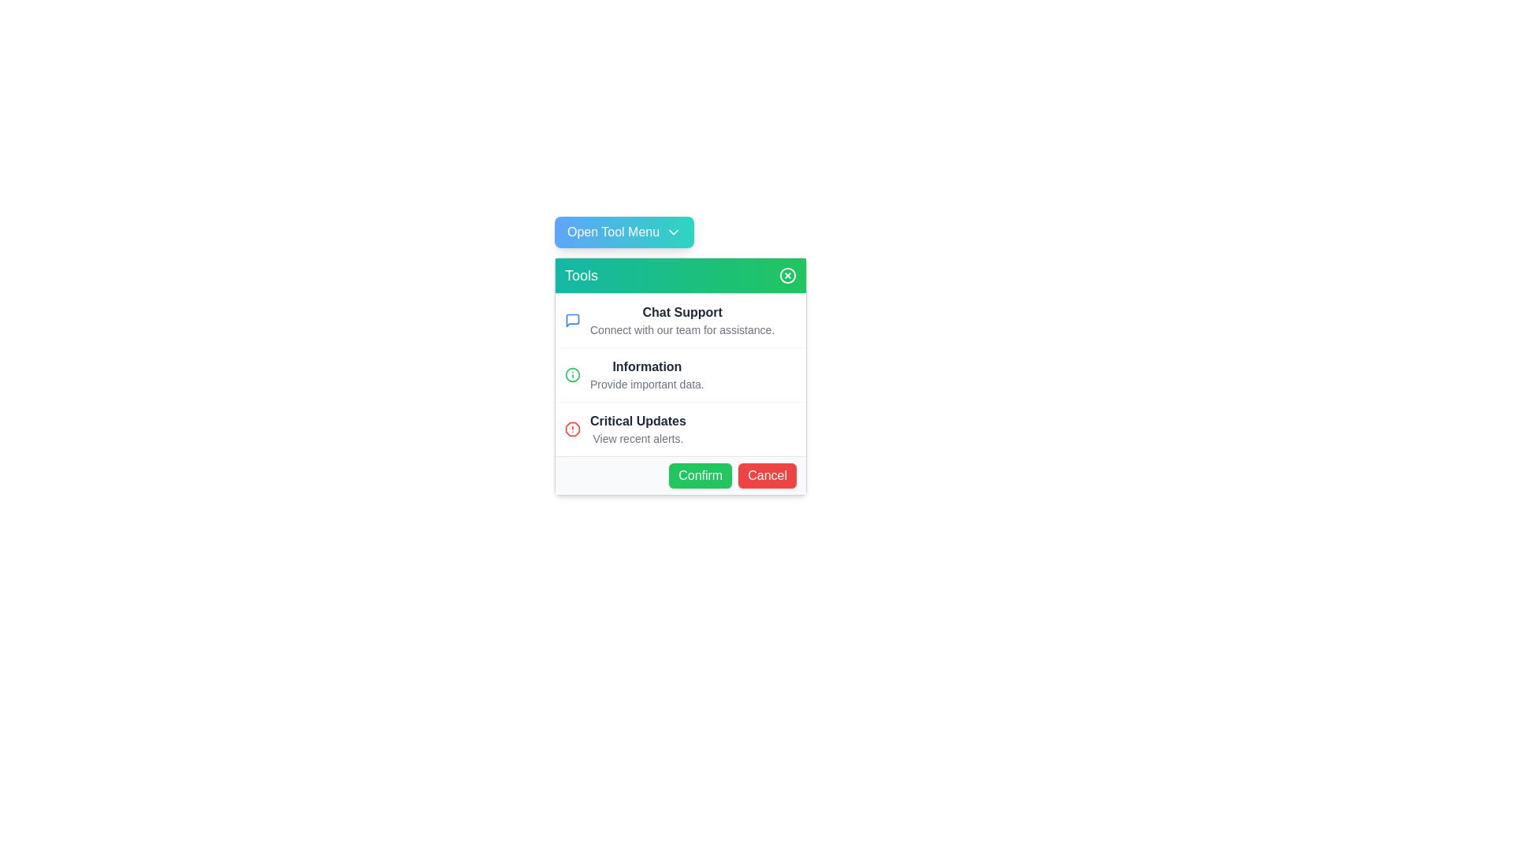  What do you see at coordinates (638, 429) in the screenshot?
I see `the notification element that consists of a title and subtitle text, positioned within the modal dialog under the section labeled 'Tools', and is the third entry in the vertical list after 'Chat Support' and 'Information'` at bounding box center [638, 429].